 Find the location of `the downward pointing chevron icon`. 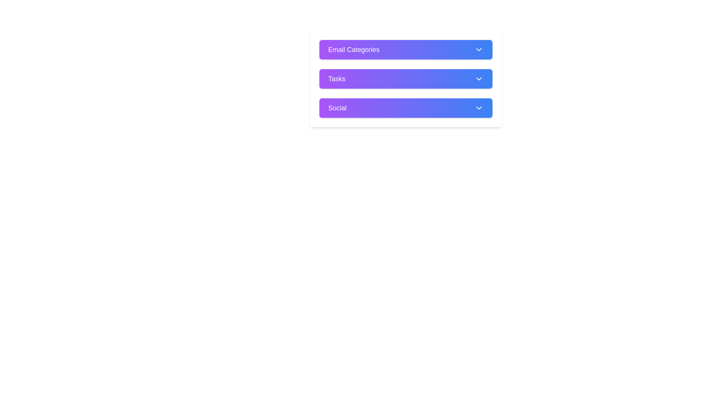

the downward pointing chevron icon is located at coordinates (478, 49).